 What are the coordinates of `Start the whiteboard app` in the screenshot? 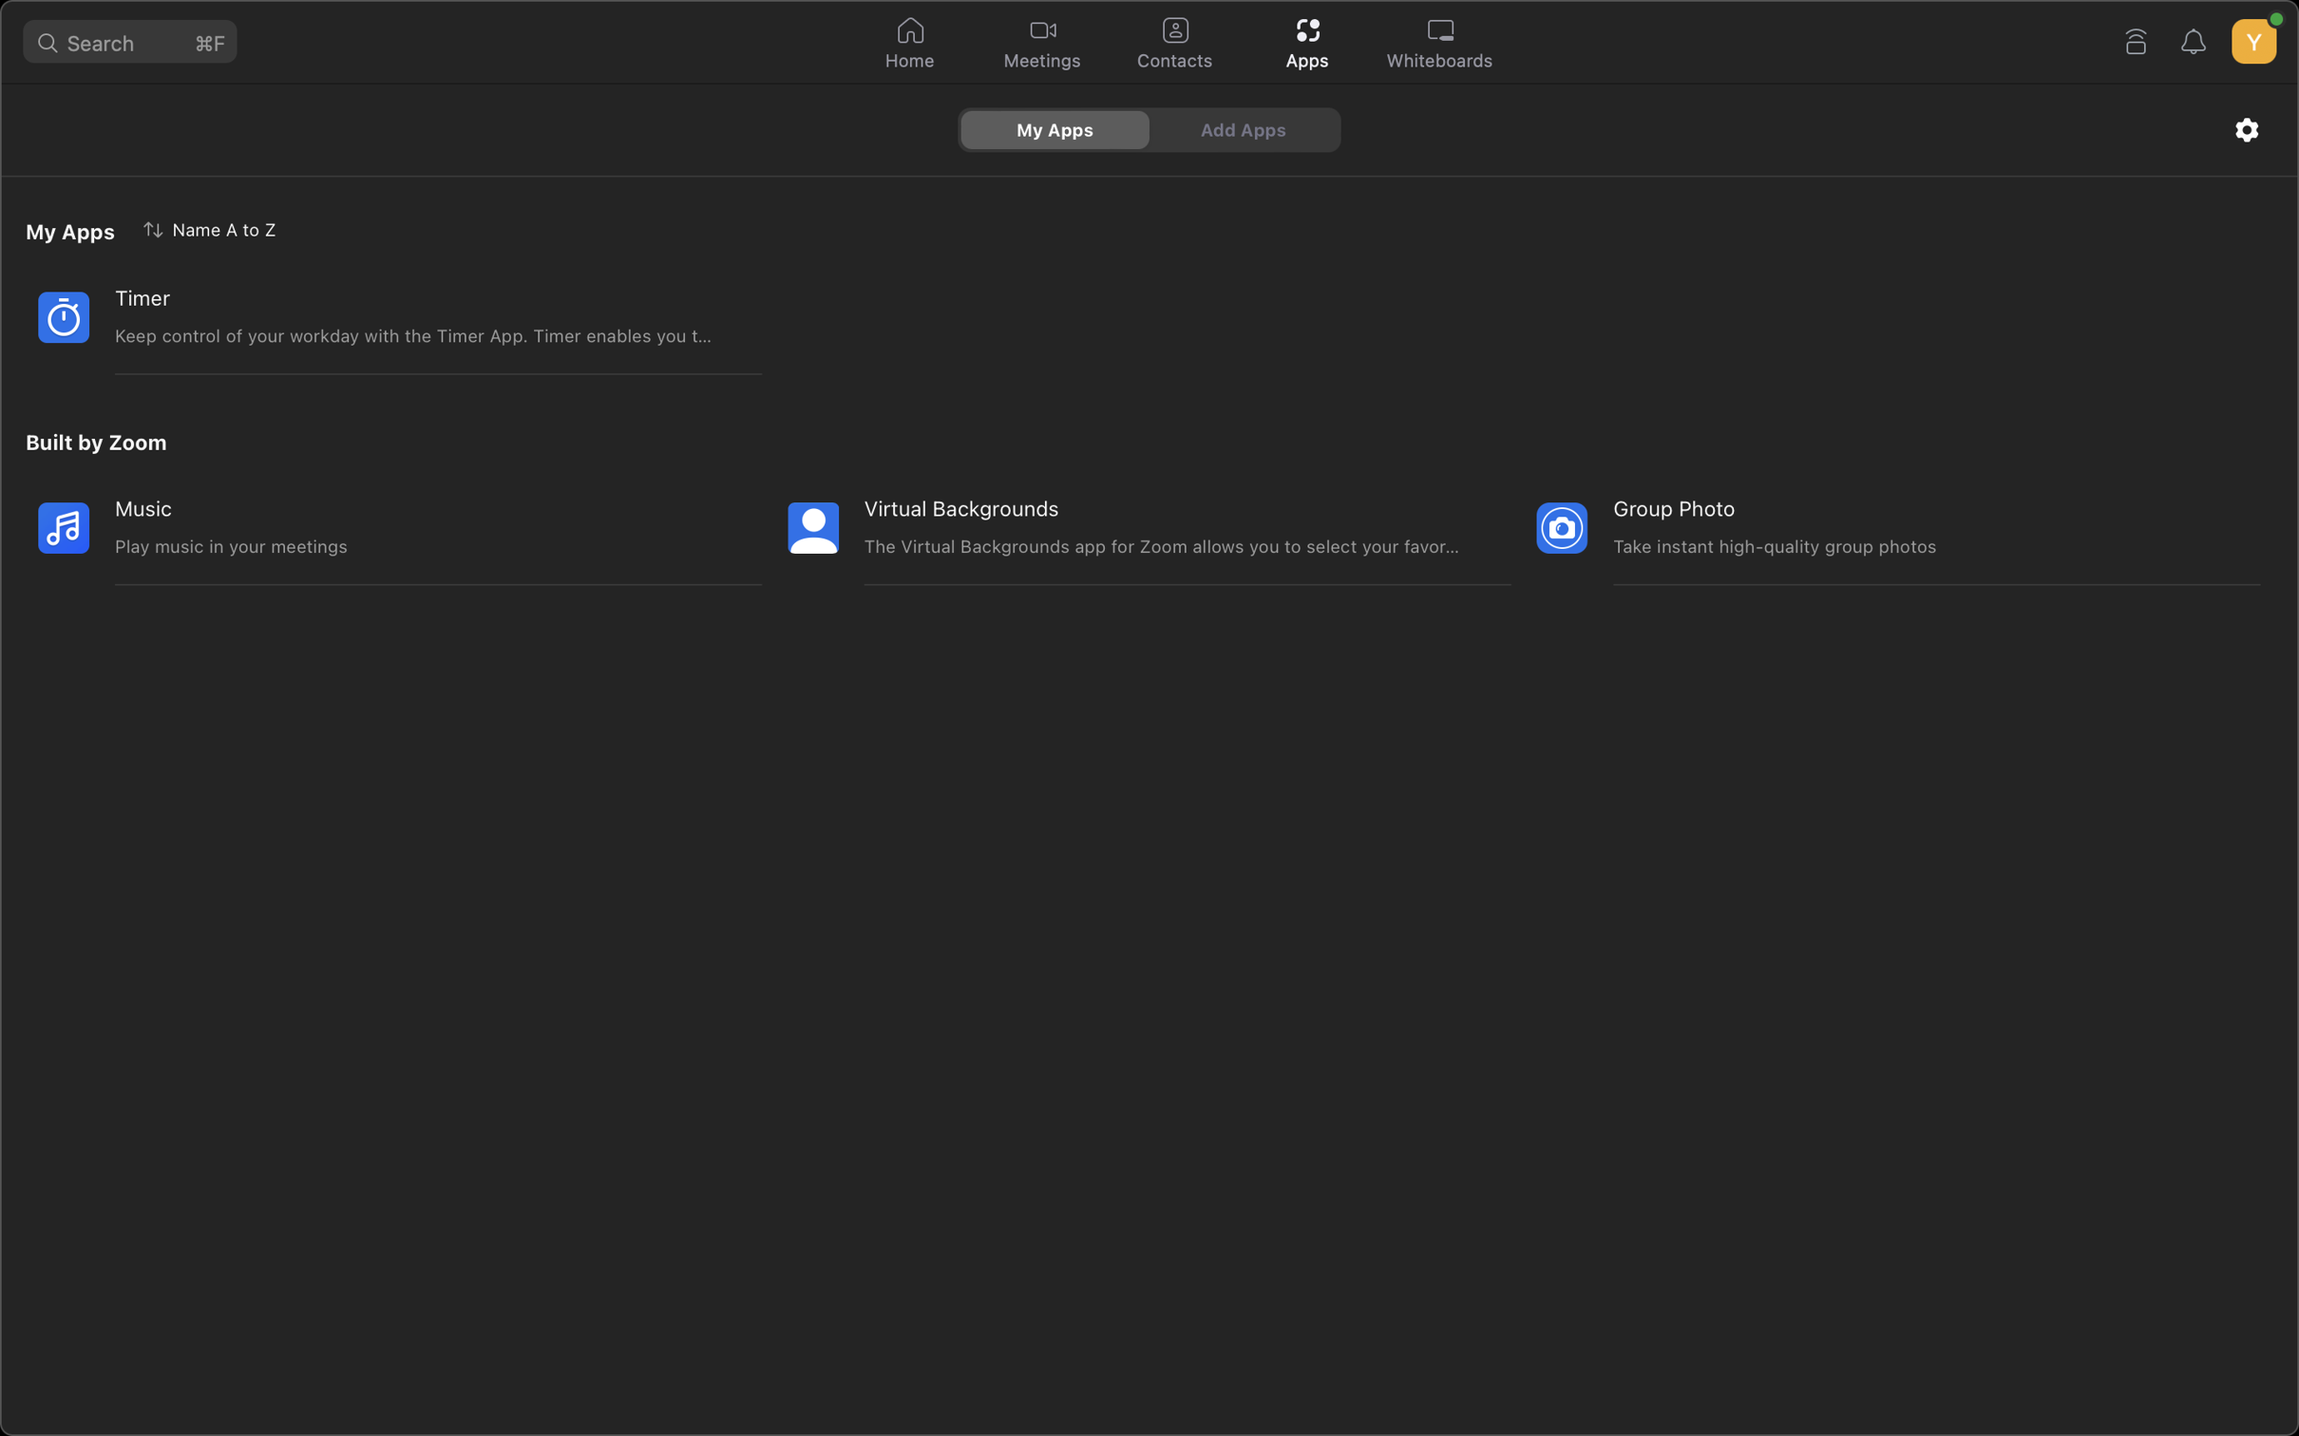 It's located at (1440, 44).